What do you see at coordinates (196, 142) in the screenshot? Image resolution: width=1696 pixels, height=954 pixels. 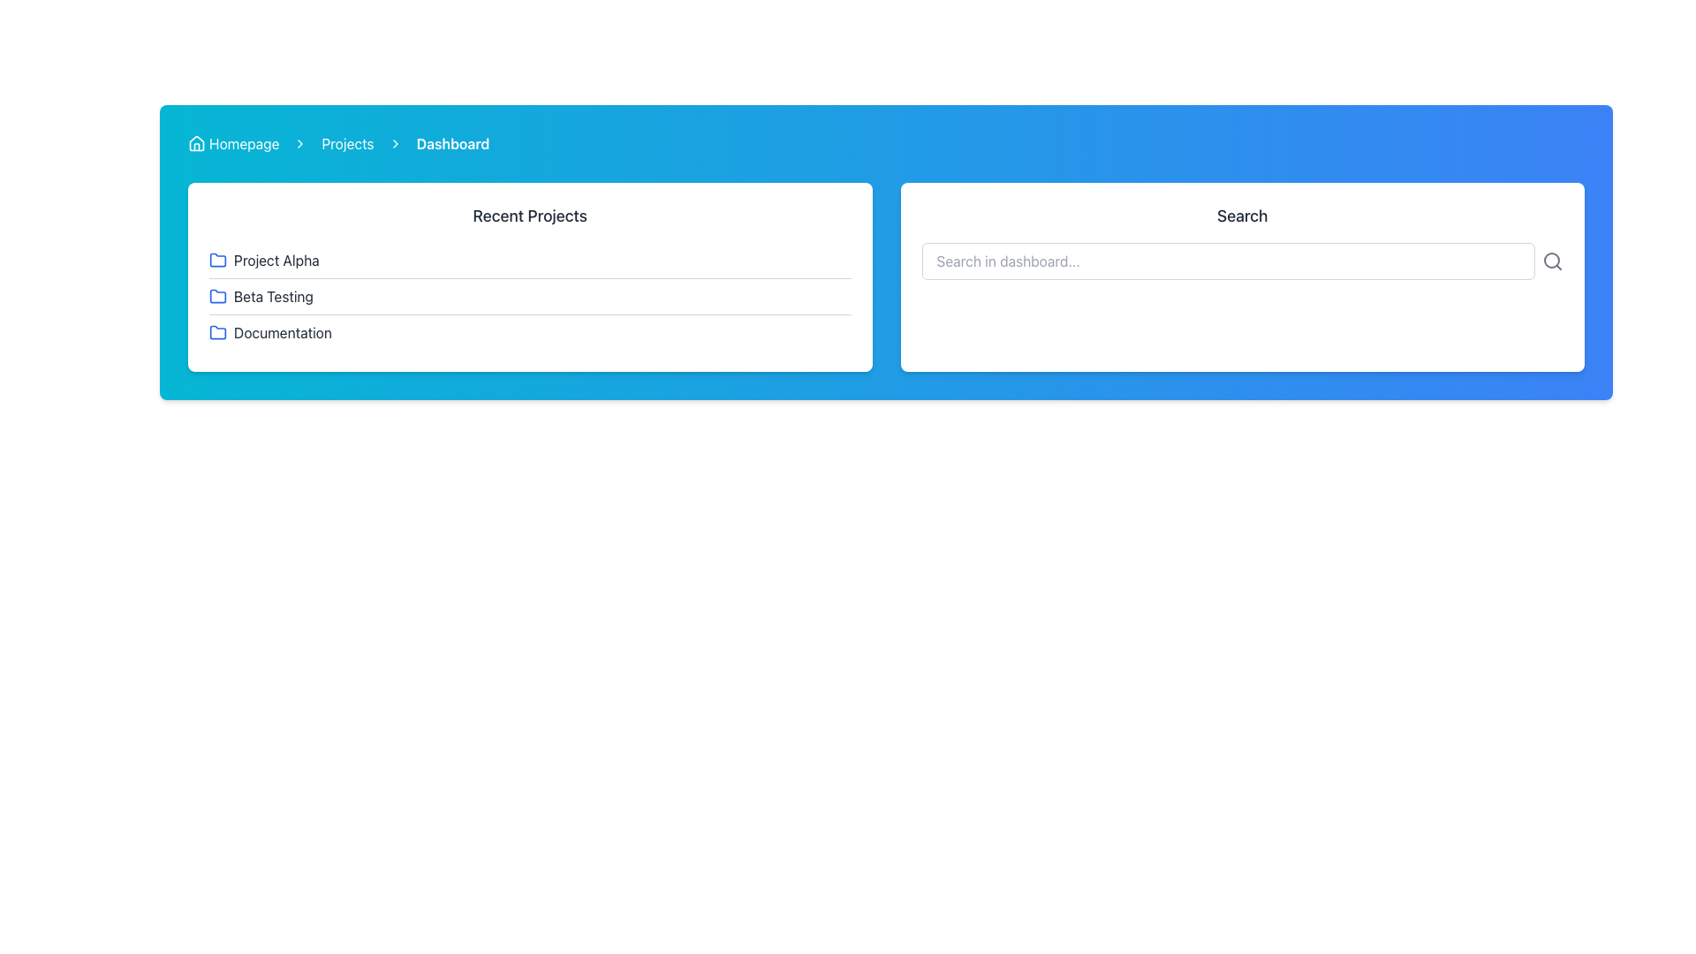 I see `the house-like icon in the breadcrumb navigation` at bounding box center [196, 142].